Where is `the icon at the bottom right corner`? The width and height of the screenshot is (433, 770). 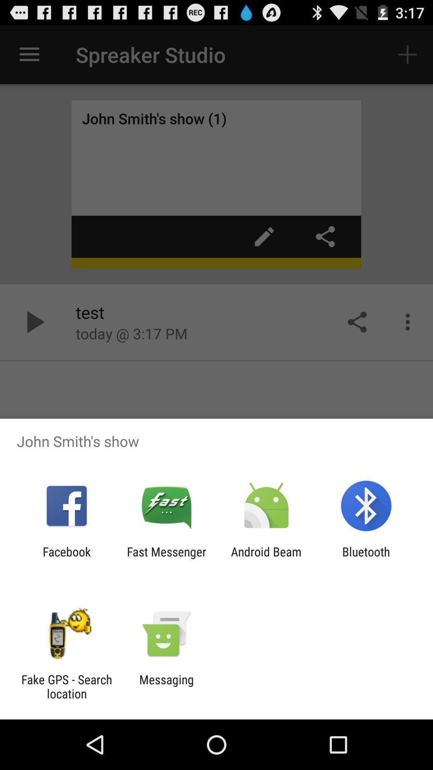 the icon at the bottom right corner is located at coordinates (366, 558).